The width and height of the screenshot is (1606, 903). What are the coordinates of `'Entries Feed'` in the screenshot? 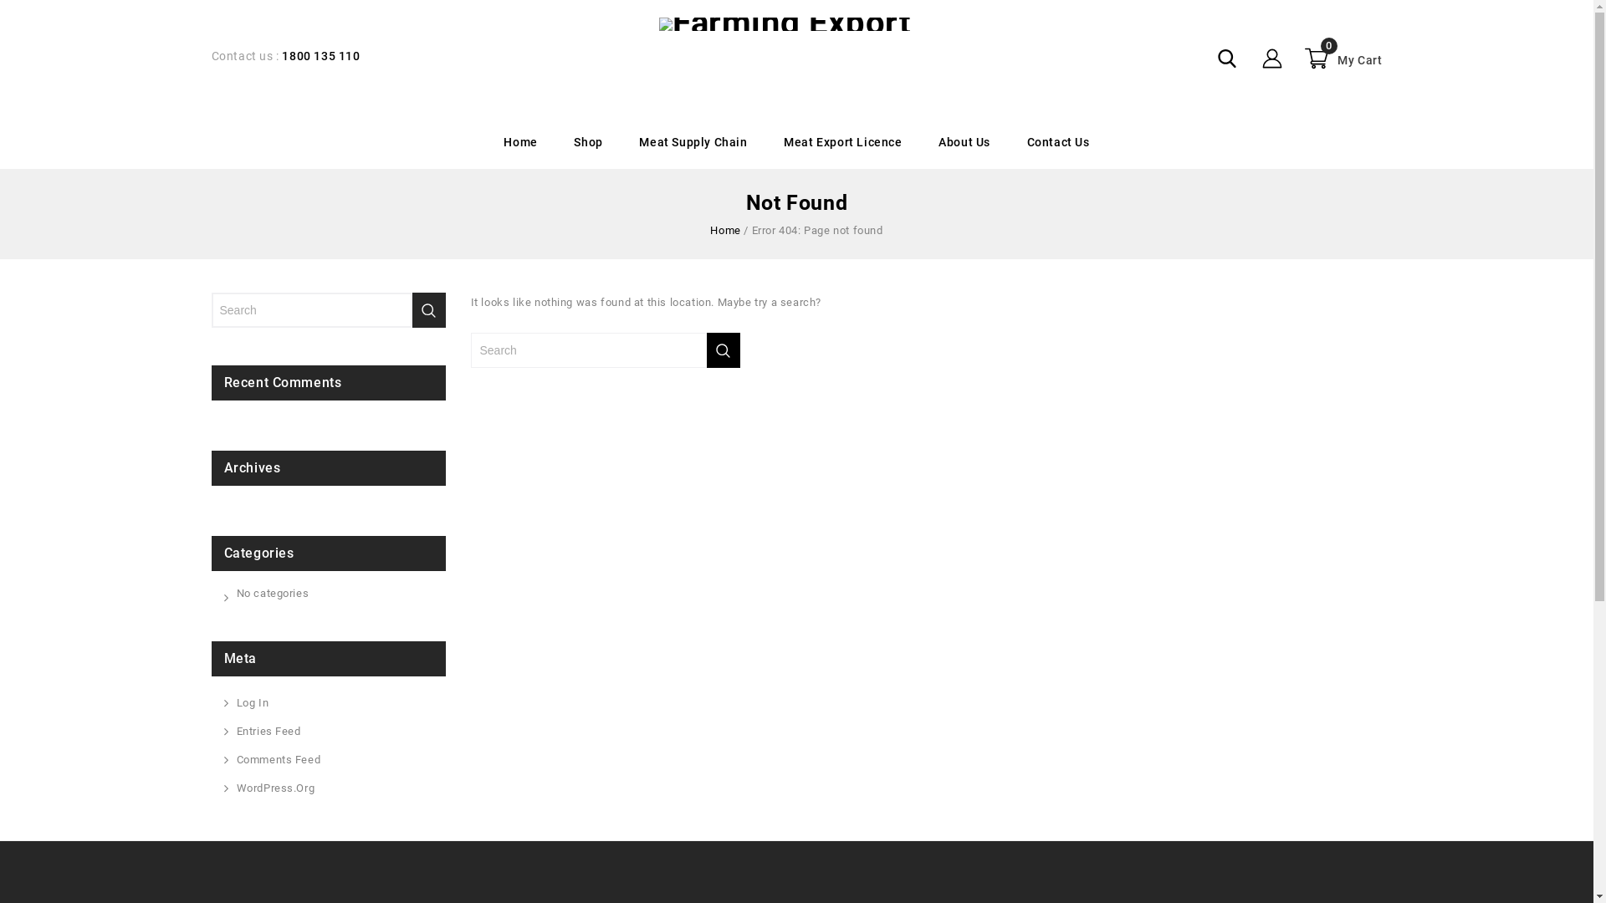 It's located at (268, 731).